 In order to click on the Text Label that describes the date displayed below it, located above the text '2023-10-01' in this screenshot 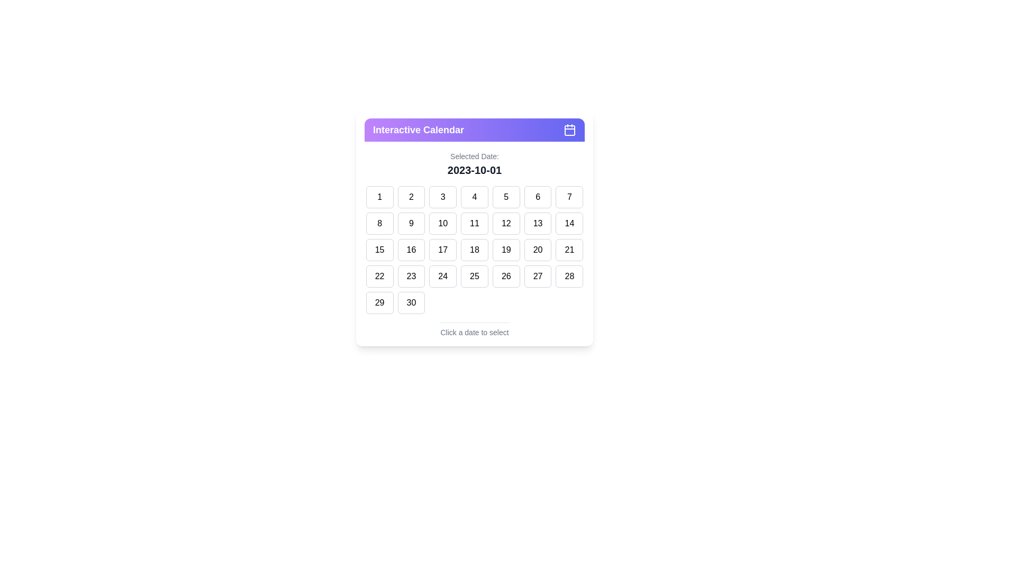, I will do `click(474, 156)`.